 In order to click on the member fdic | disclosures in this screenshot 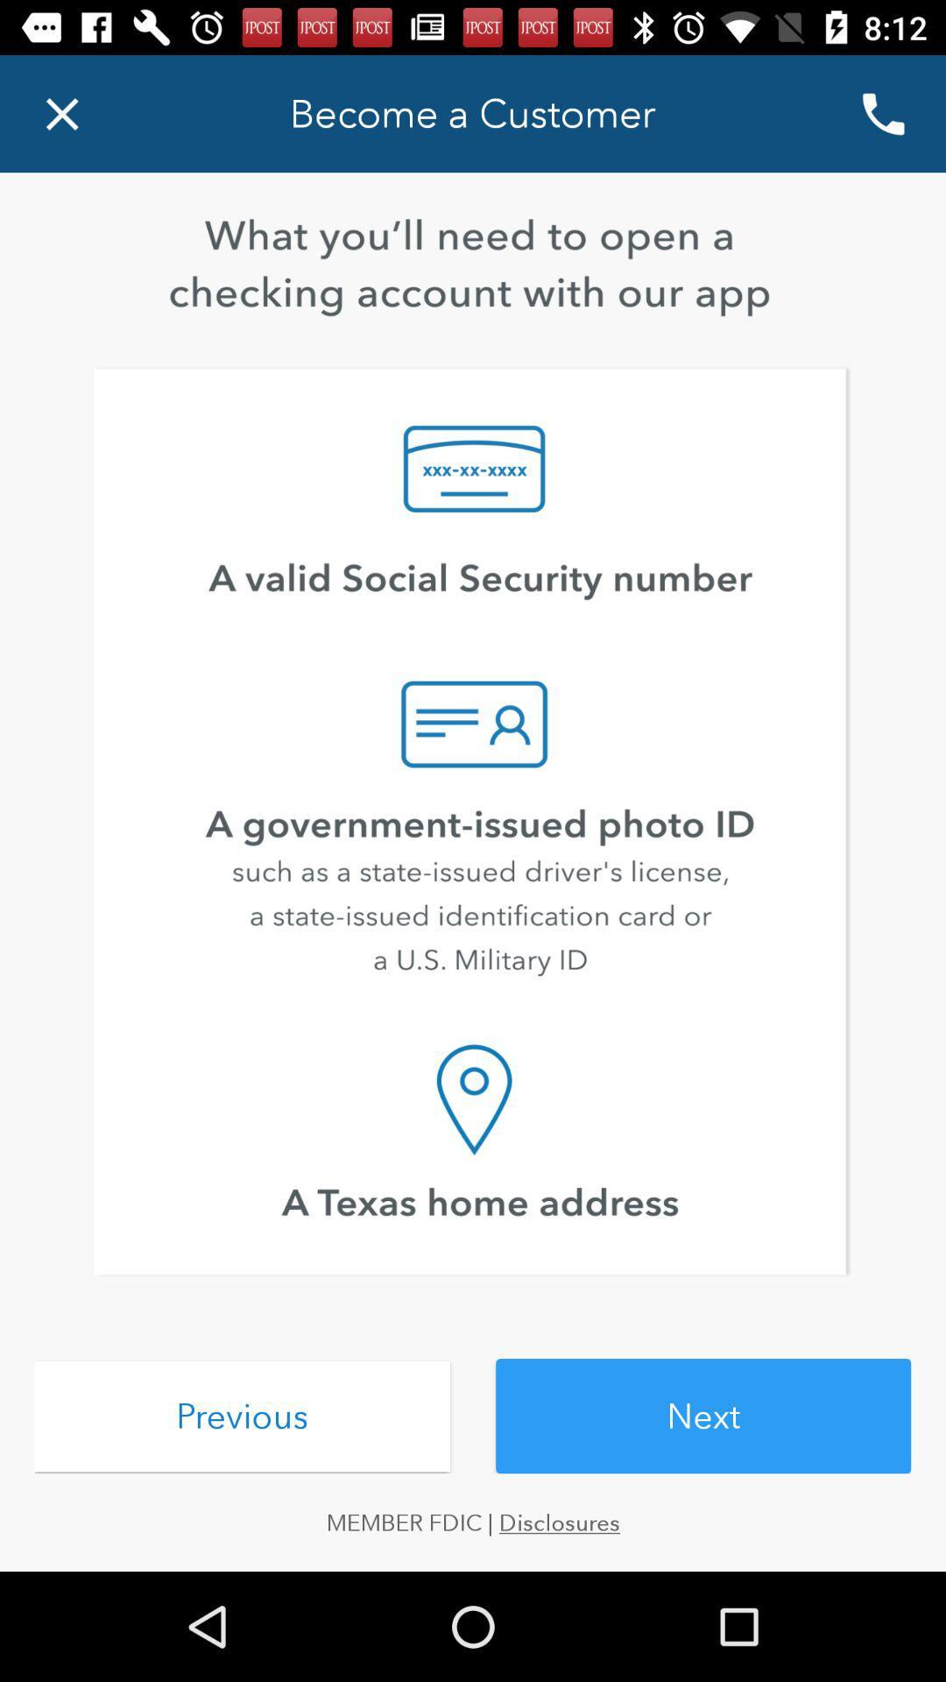, I will do `click(473, 1522)`.